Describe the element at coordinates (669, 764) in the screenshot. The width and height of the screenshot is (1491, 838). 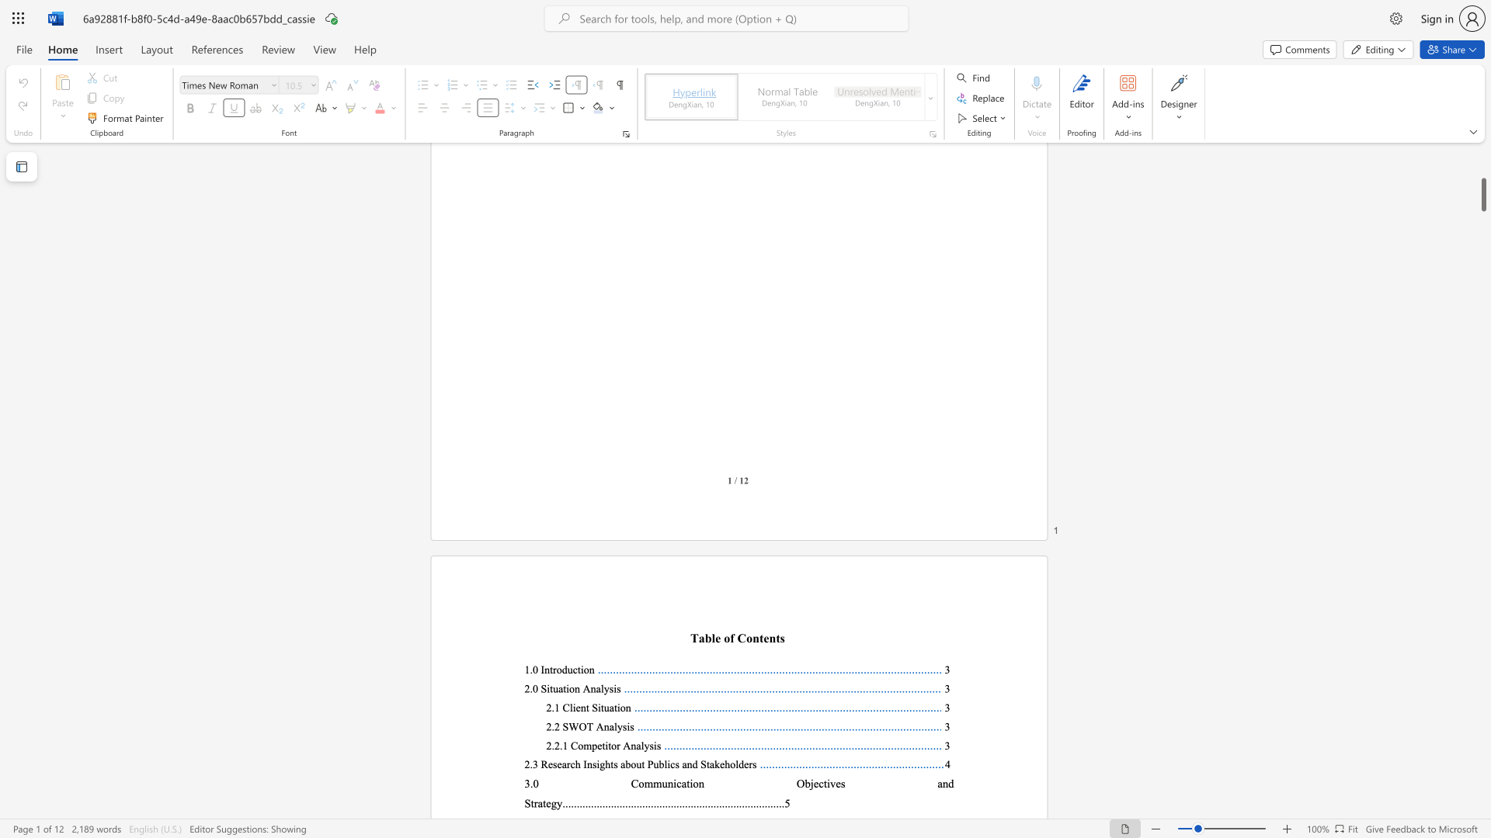
I see `the 2th character "i" in the text` at that location.